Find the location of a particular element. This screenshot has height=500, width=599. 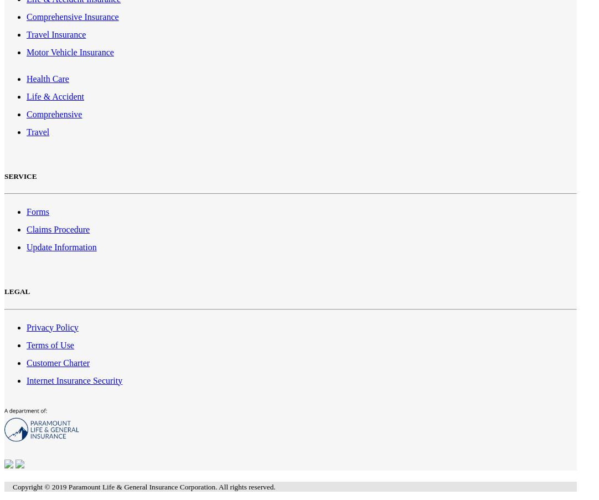

'Comprehensive' is located at coordinates (54, 114).